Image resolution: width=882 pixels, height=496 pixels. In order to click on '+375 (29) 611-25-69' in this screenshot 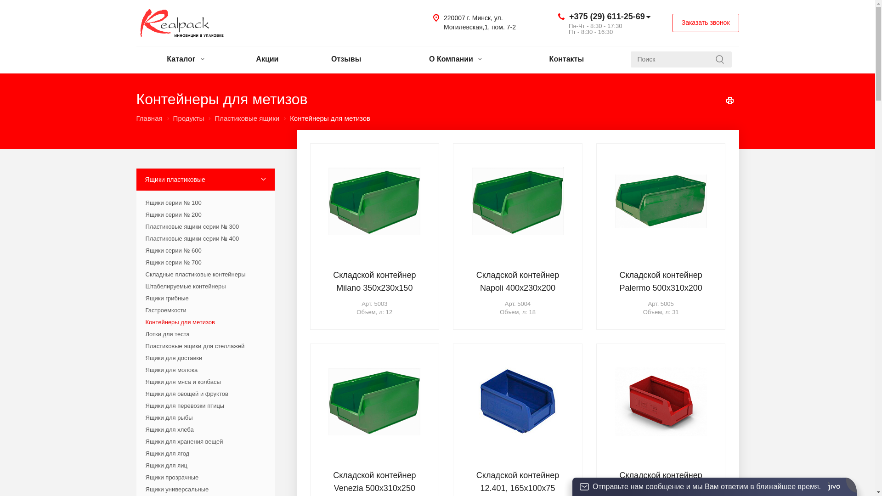, I will do `click(607, 16)`.